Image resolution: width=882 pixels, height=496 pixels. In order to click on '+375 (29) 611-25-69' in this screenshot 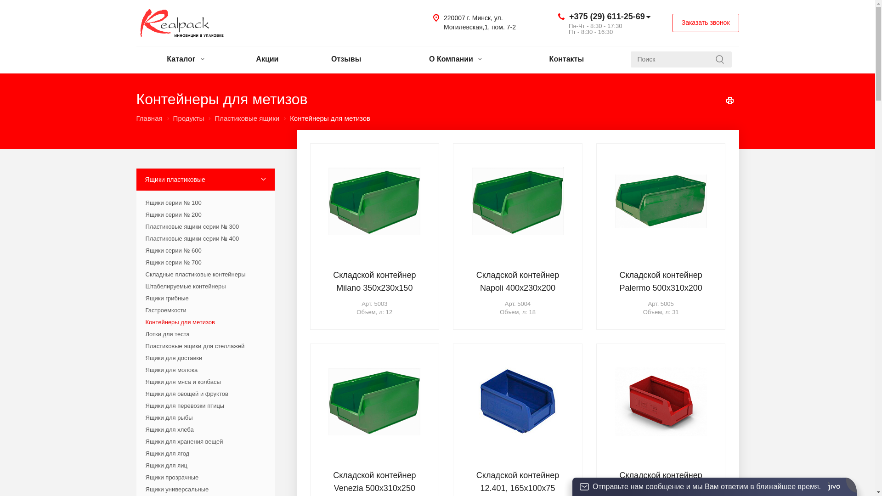, I will do `click(607, 16)`.